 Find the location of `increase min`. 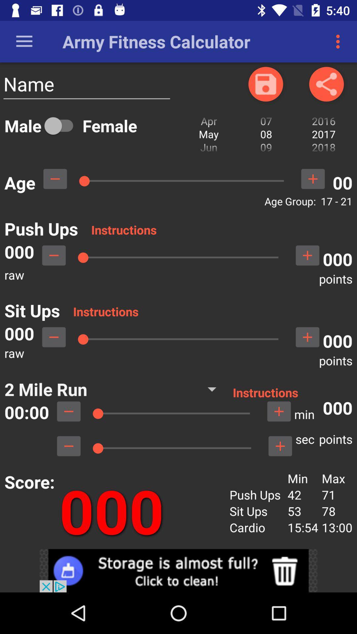

increase min is located at coordinates (279, 411).